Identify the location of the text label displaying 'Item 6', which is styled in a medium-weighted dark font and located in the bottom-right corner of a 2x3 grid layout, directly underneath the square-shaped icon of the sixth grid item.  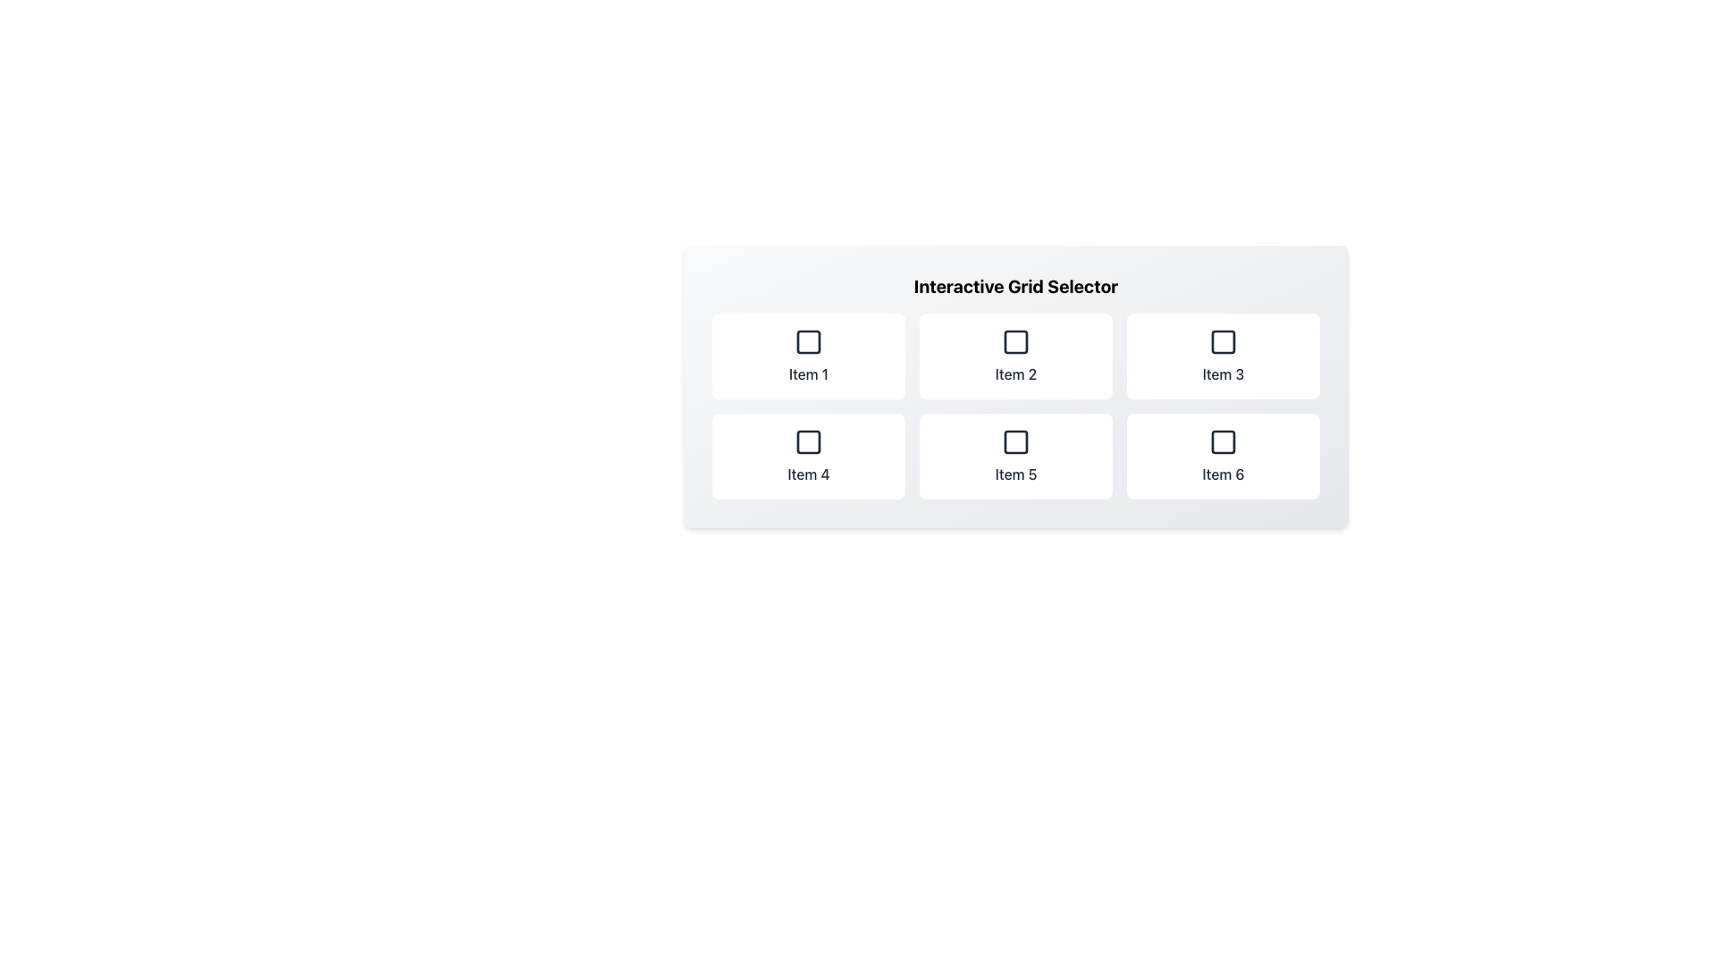
(1222, 474).